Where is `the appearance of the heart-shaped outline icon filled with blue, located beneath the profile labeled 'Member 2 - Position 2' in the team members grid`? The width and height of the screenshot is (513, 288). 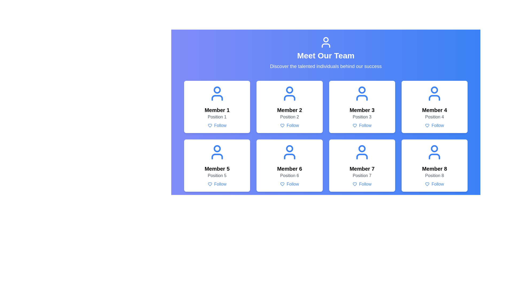 the appearance of the heart-shaped outline icon filled with blue, located beneath the profile labeled 'Member 2 - Position 2' in the team members grid is located at coordinates (282, 125).